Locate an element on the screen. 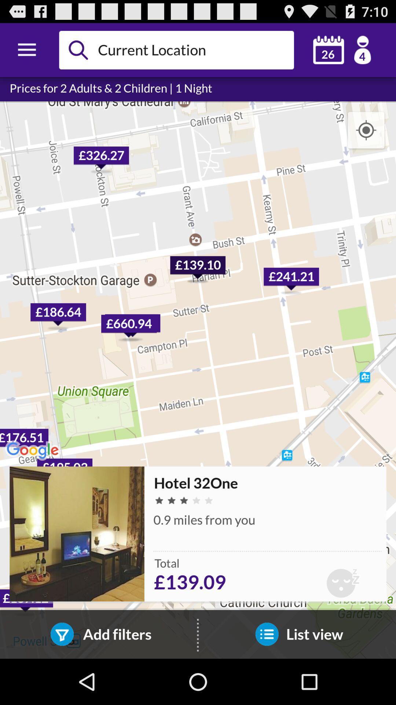  space to enter the current location is located at coordinates (192, 50).